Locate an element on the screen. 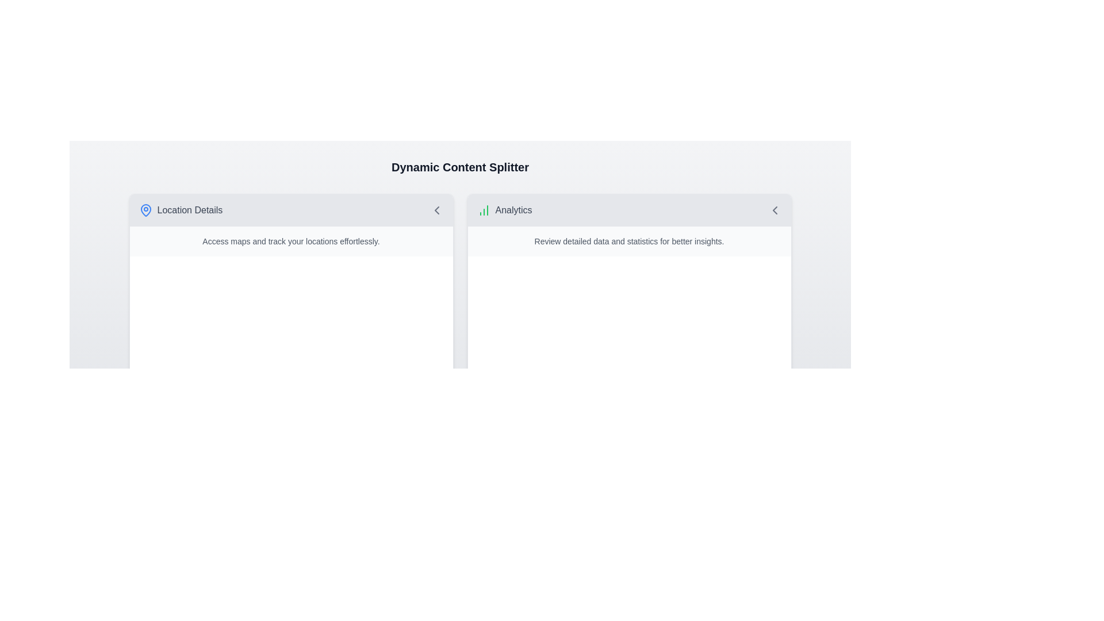  the 'Analytics' label next to the green bar chart icon is located at coordinates (504, 210).